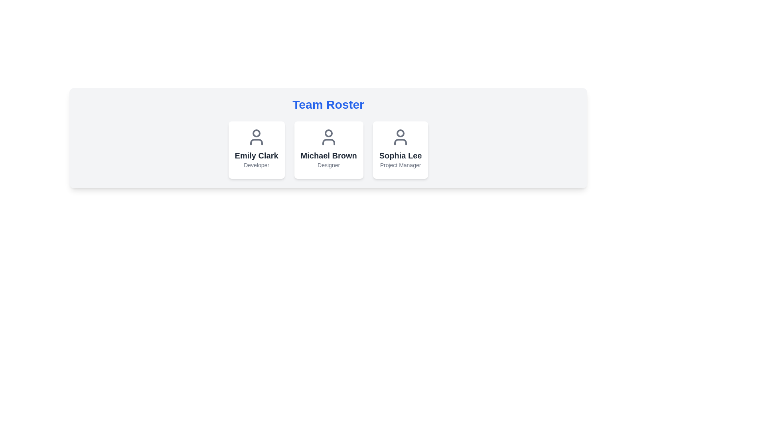 Image resolution: width=766 pixels, height=430 pixels. I want to click on the User Profile Icon that visually represents the profile of the user associated with the texts 'Sophia Lee' and 'Project Manager', located in the third column of a horizontal layout, so click(400, 137).